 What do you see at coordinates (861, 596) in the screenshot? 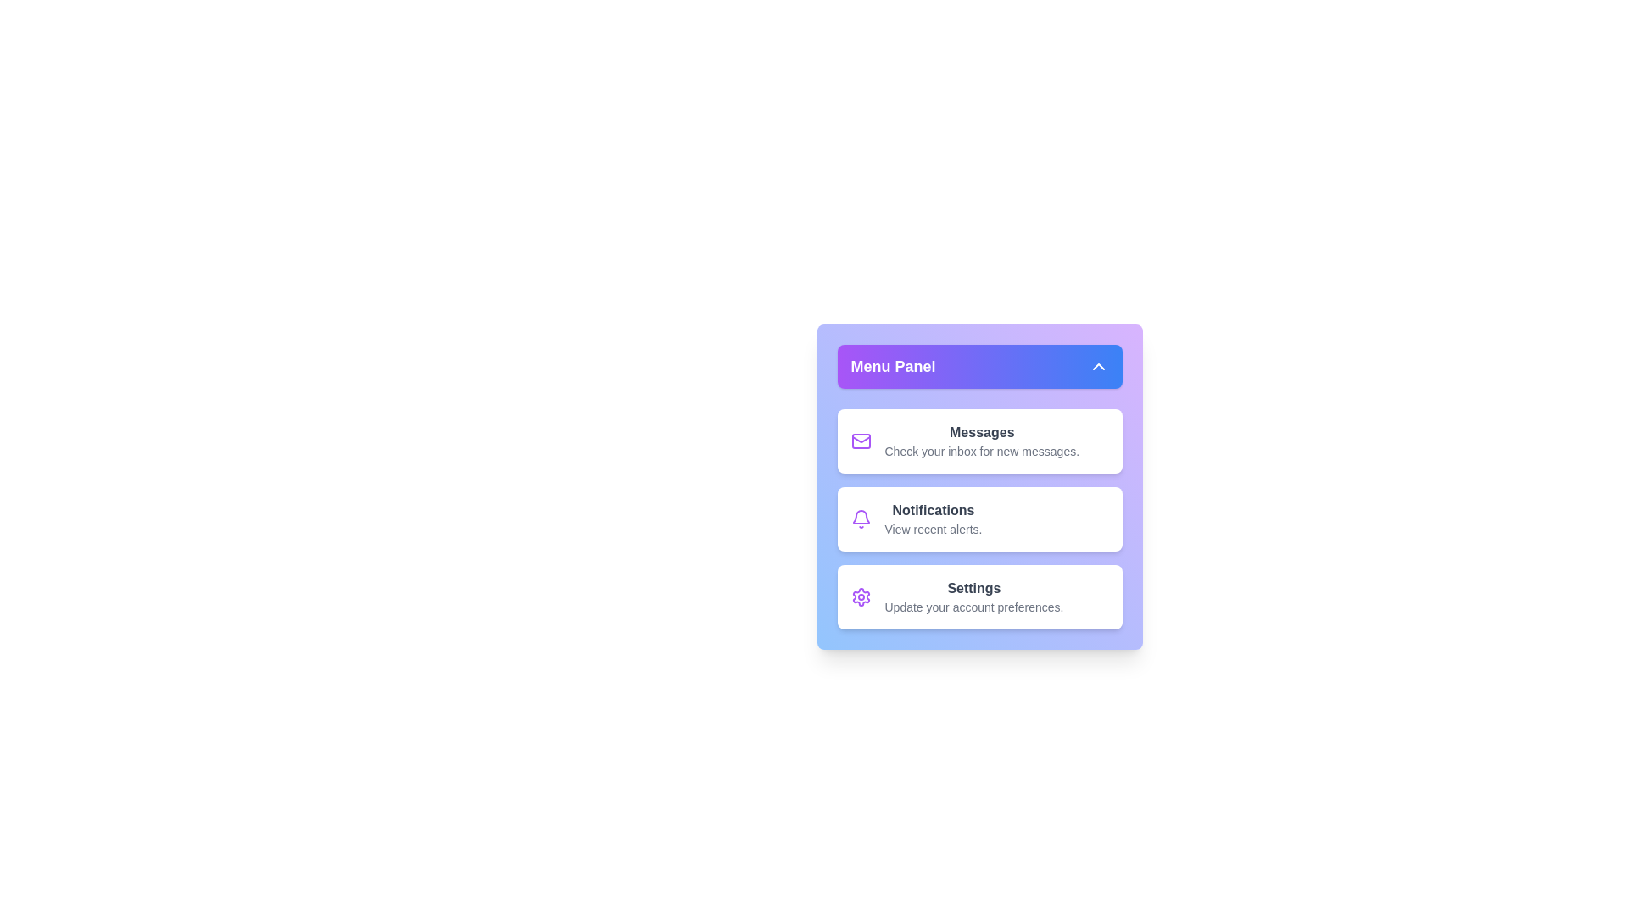
I see `the icon of the menu item labeled Settings` at bounding box center [861, 596].